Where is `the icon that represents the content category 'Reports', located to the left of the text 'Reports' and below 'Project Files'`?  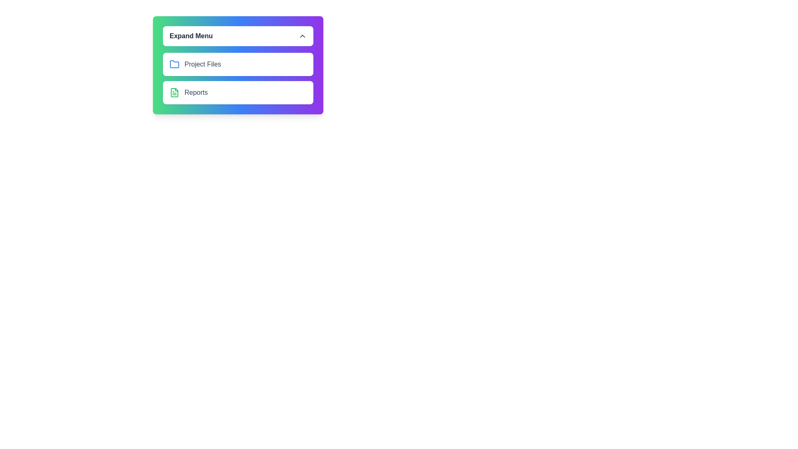 the icon that represents the content category 'Reports', located to the left of the text 'Reports' and below 'Project Files' is located at coordinates (174, 93).